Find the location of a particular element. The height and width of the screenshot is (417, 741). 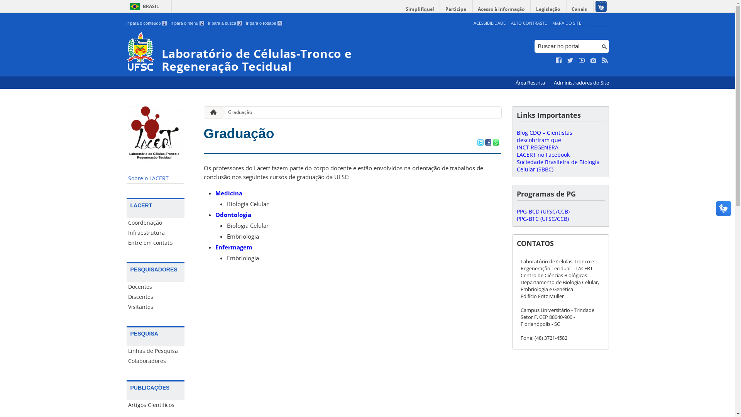

'Enfermagem' is located at coordinates (233, 247).